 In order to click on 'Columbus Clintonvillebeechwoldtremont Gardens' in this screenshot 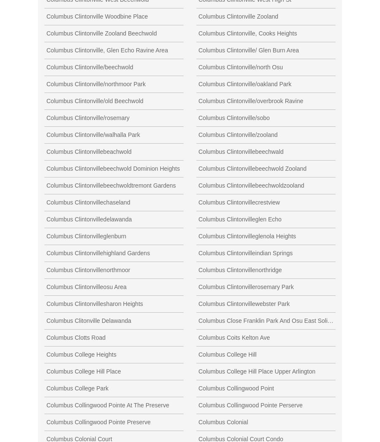, I will do `click(110, 184)`.